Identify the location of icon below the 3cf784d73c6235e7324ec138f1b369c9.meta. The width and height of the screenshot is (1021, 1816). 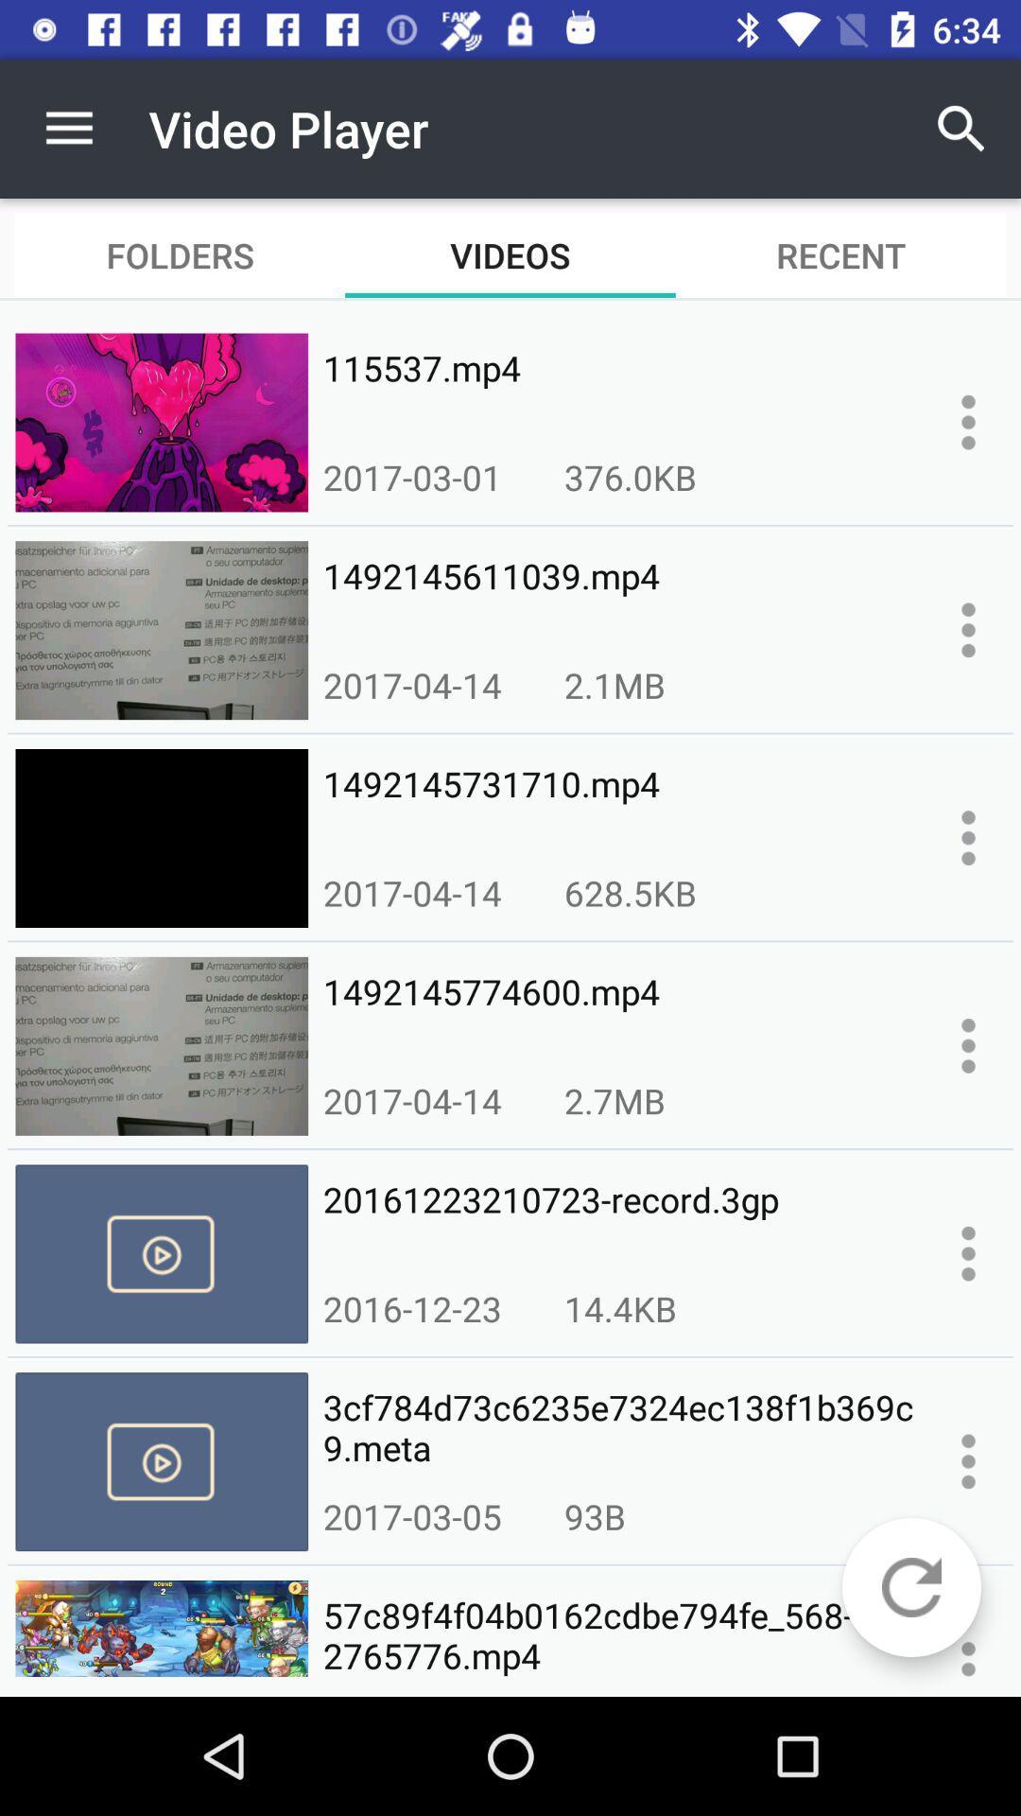
(594, 1516).